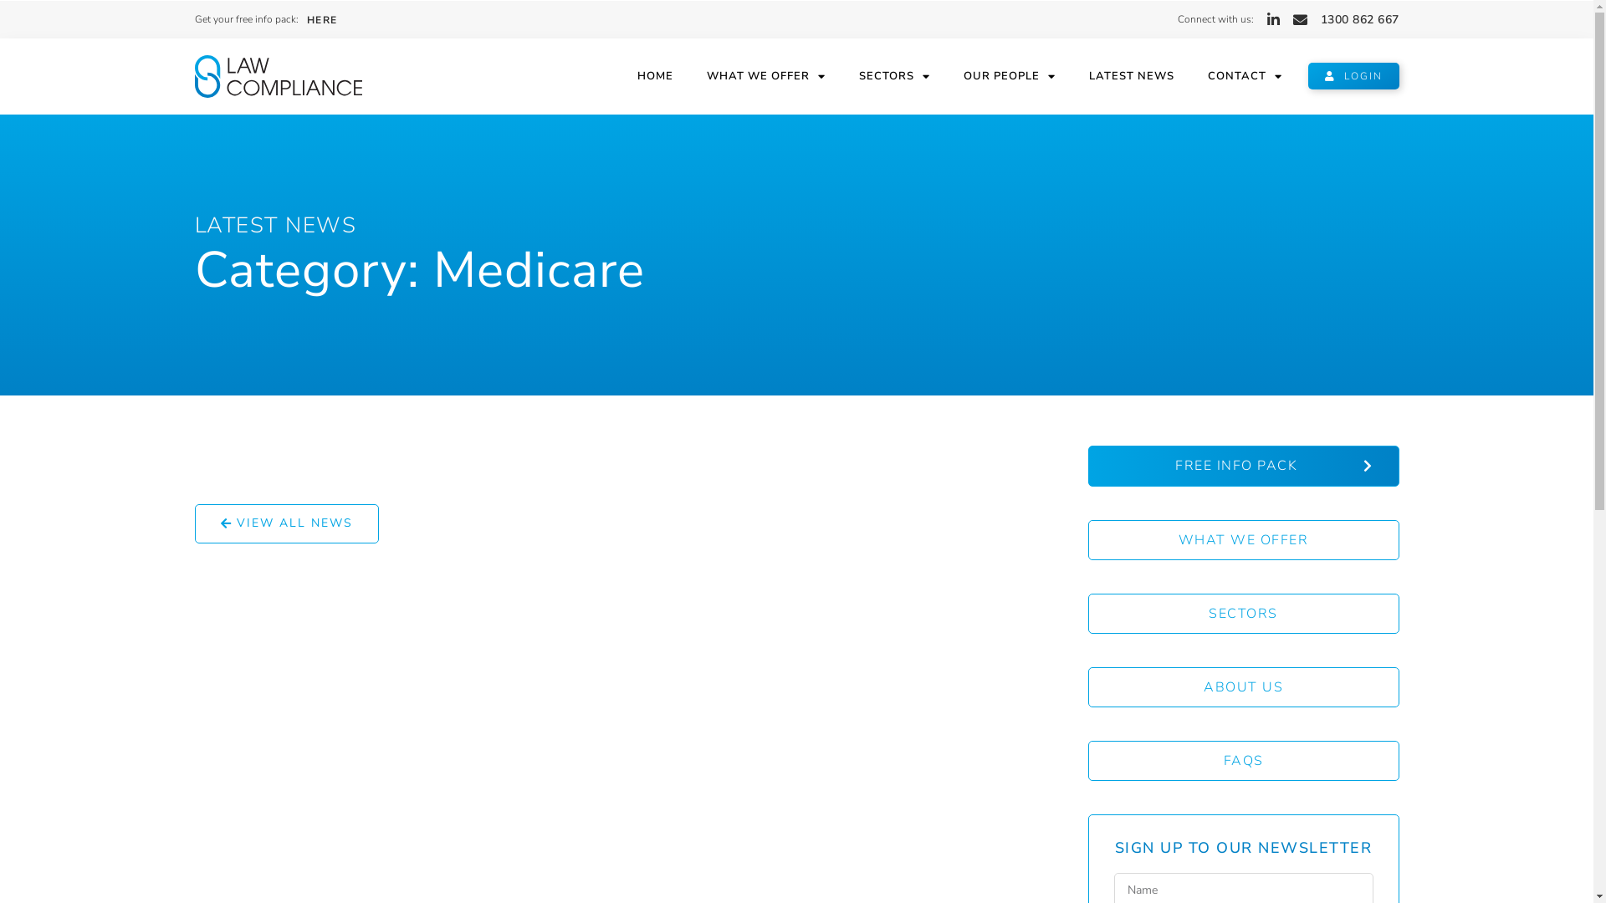 Image resolution: width=1606 pixels, height=903 pixels. Describe the element at coordinates (275, 224) in the screenshot. I see `'LATEST NEWS'` at that location.